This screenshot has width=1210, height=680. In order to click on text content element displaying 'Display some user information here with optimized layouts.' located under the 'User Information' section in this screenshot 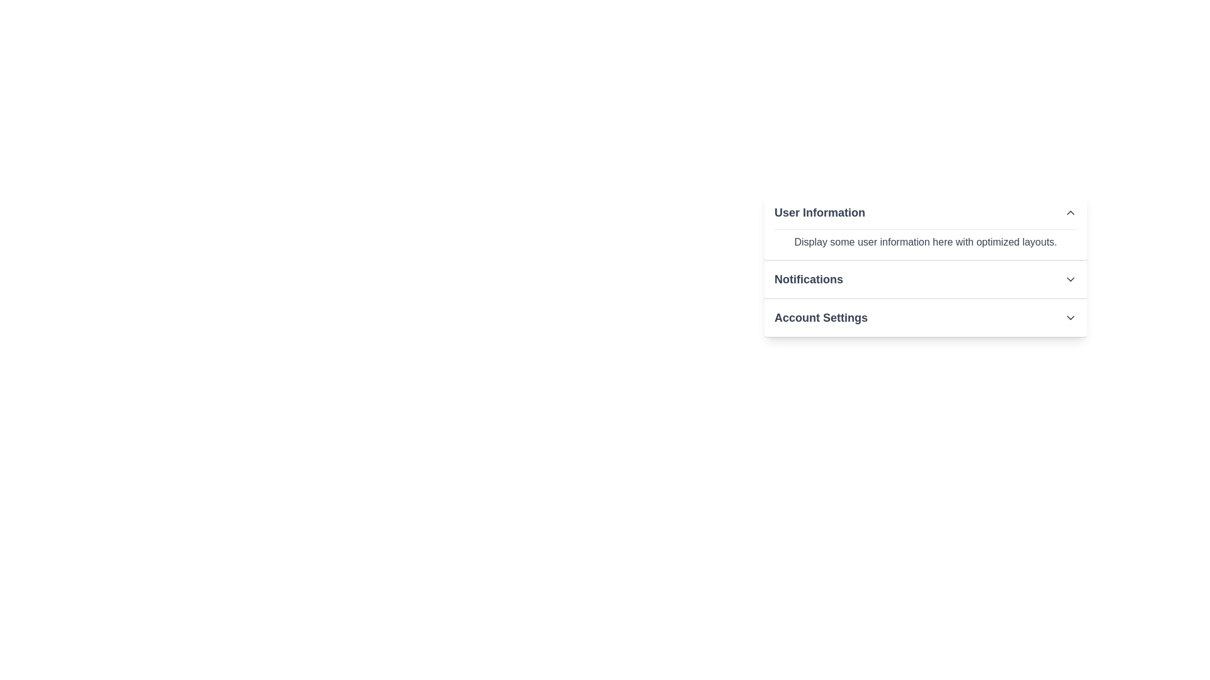, I will do `click(925, 239)`.